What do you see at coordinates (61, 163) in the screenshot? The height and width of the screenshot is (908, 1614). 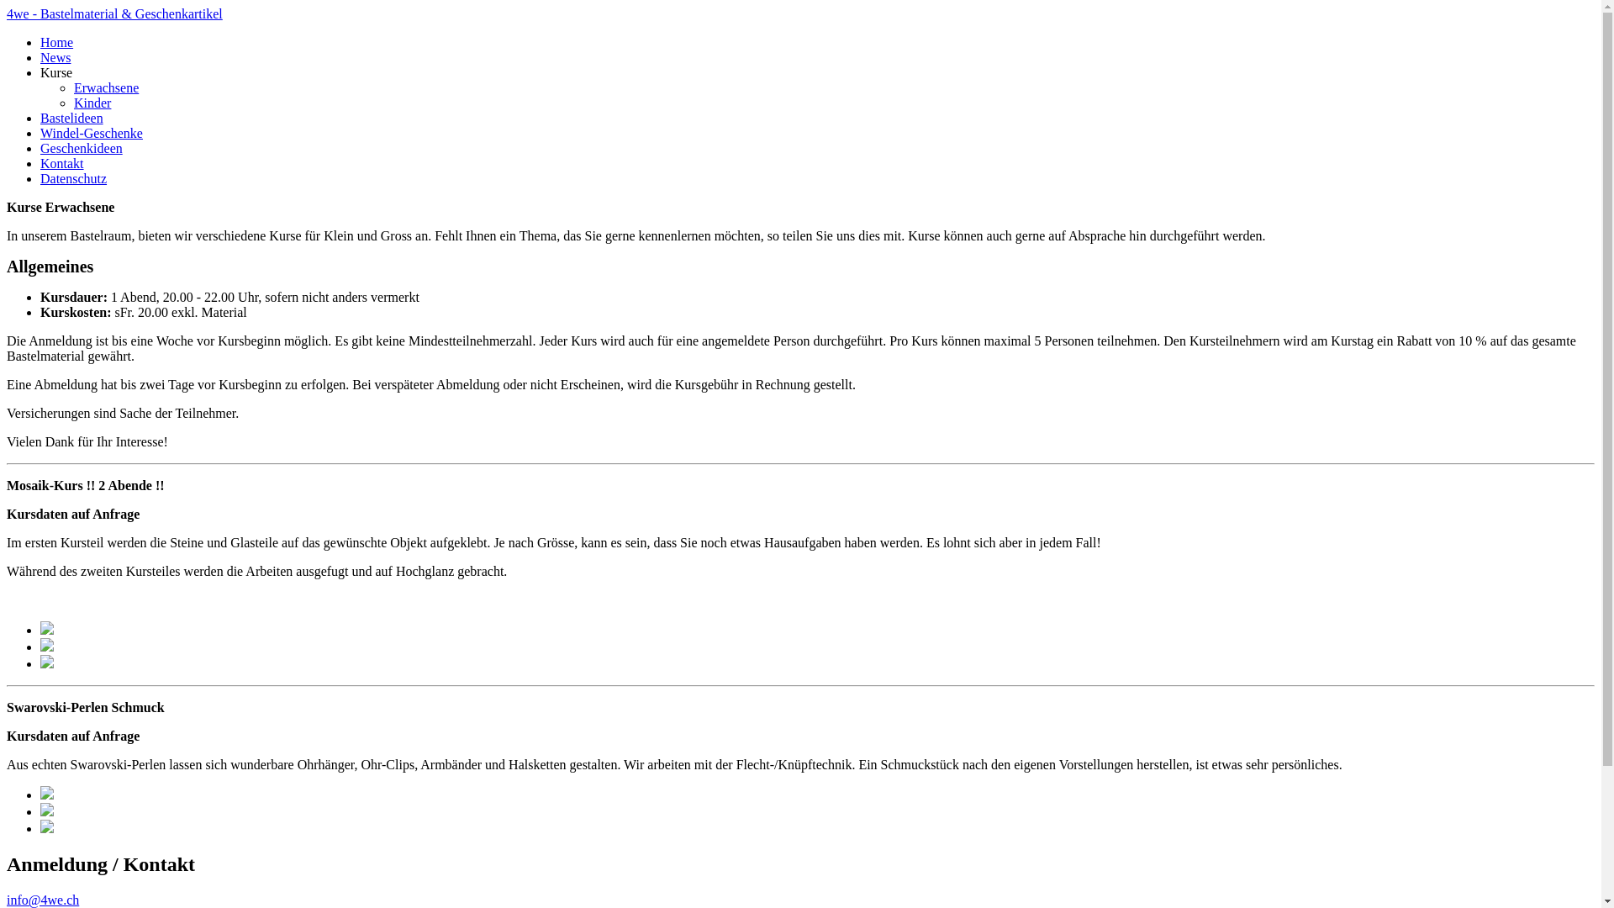 I see `'Kontakt'` at bounding box center [61, 163].